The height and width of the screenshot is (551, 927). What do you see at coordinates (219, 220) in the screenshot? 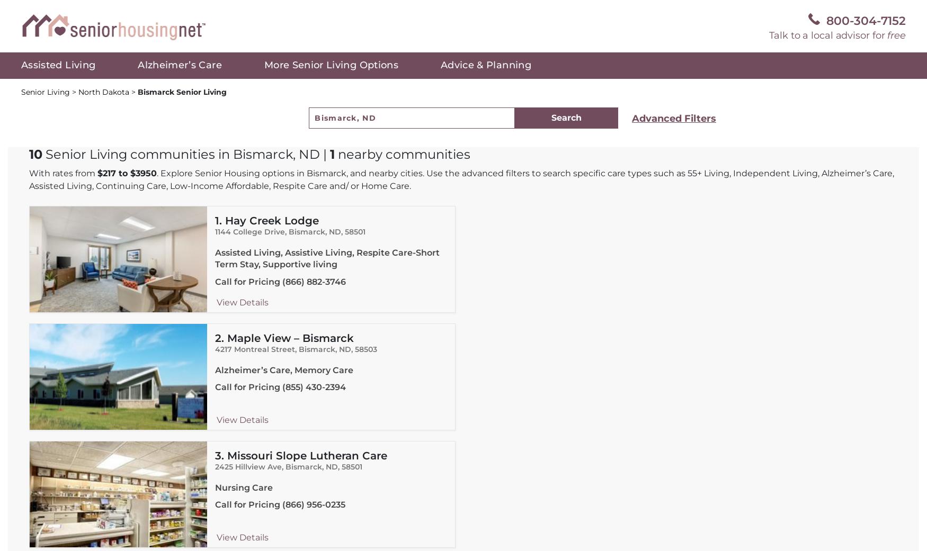
I see `'1.'` at bounding box center [219, 220].